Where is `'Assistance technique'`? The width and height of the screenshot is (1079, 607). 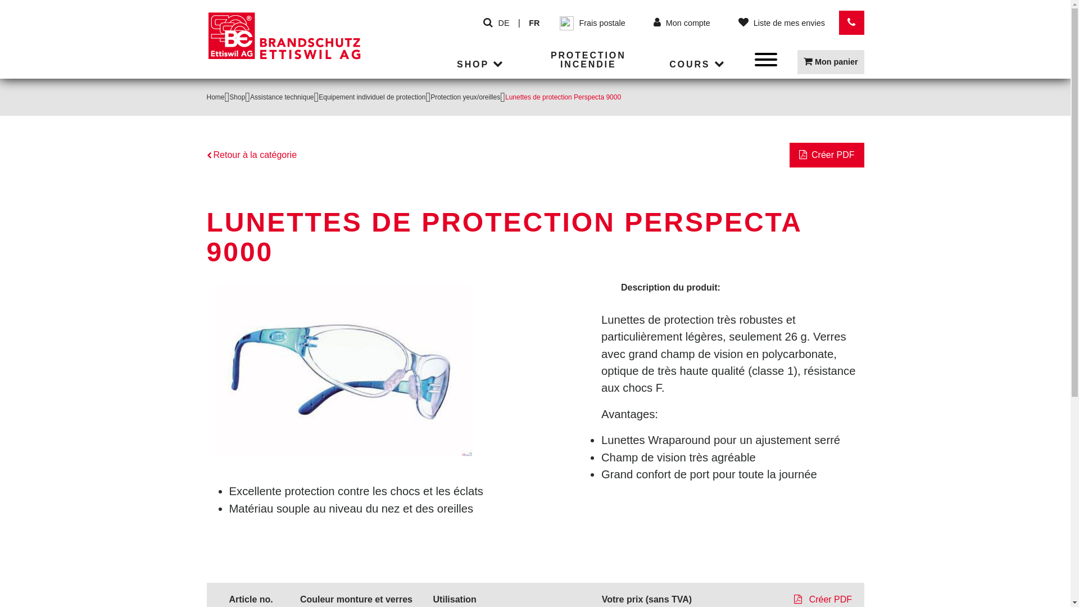
'Assistance technique' is located at coordinates (282, 97).